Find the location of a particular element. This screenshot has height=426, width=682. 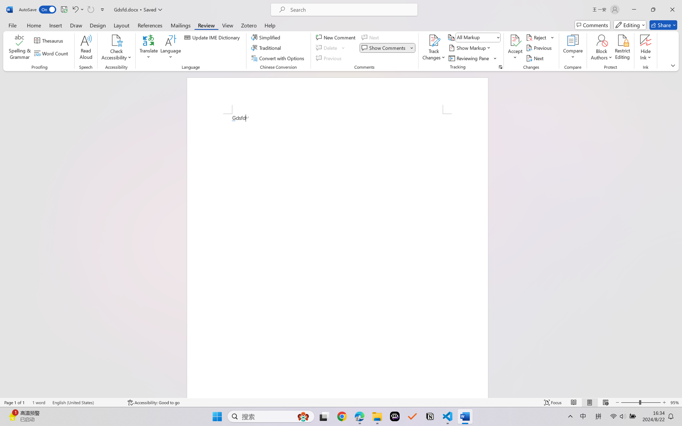

'Compare' is located at coordinates (573, 48).